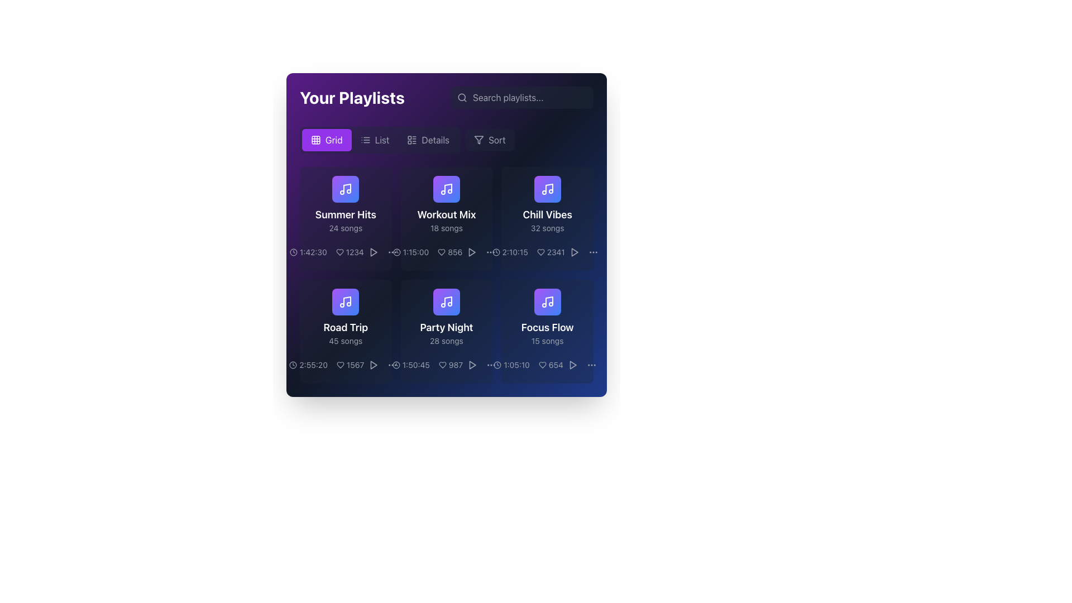 This screenshot has width=1072, height=603. Describe the element at coordinates (591, 365) in the screenshot. I see `the Icon (Ellipsis) consisting of three horizontally aligned dots located at the bottom-right corner of the 'Focus Flow' playlist card` at that location.